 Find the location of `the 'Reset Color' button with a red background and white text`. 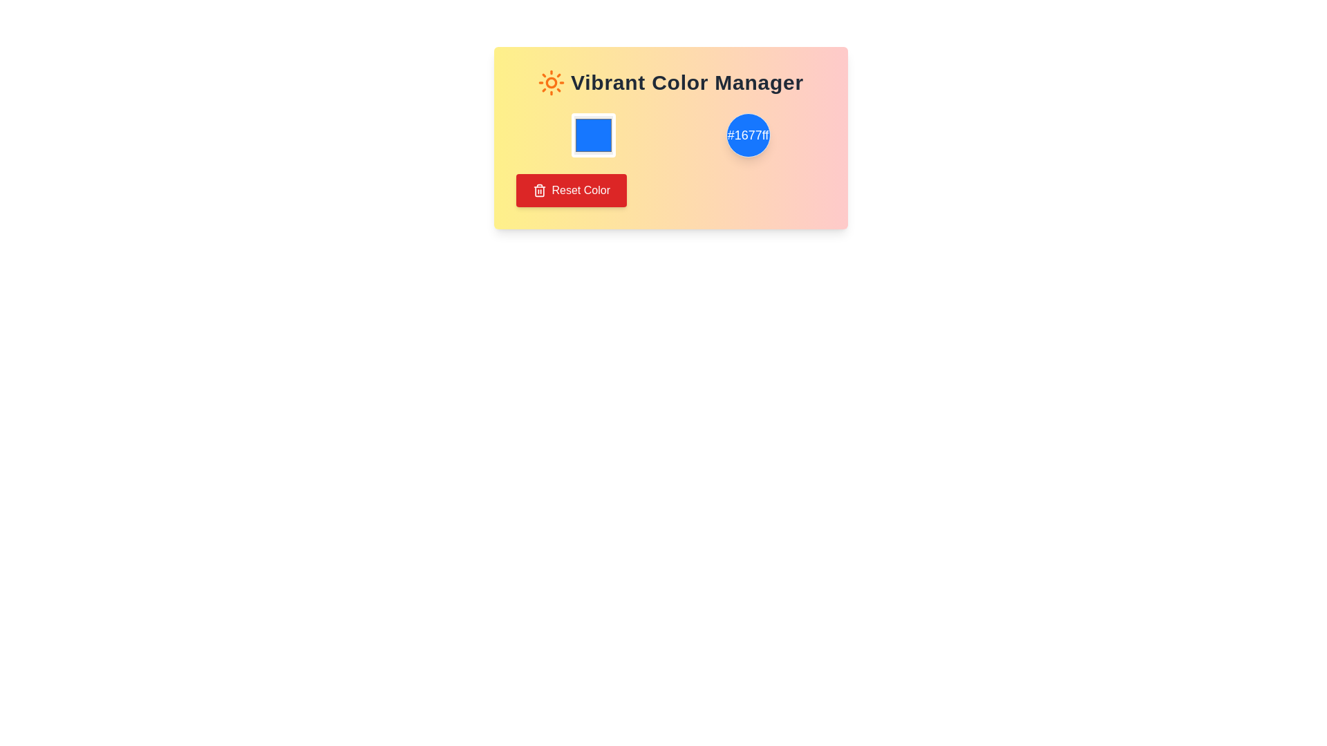

the 'Reset Color' button with a red background and white text is located at coordinates (571, 191).